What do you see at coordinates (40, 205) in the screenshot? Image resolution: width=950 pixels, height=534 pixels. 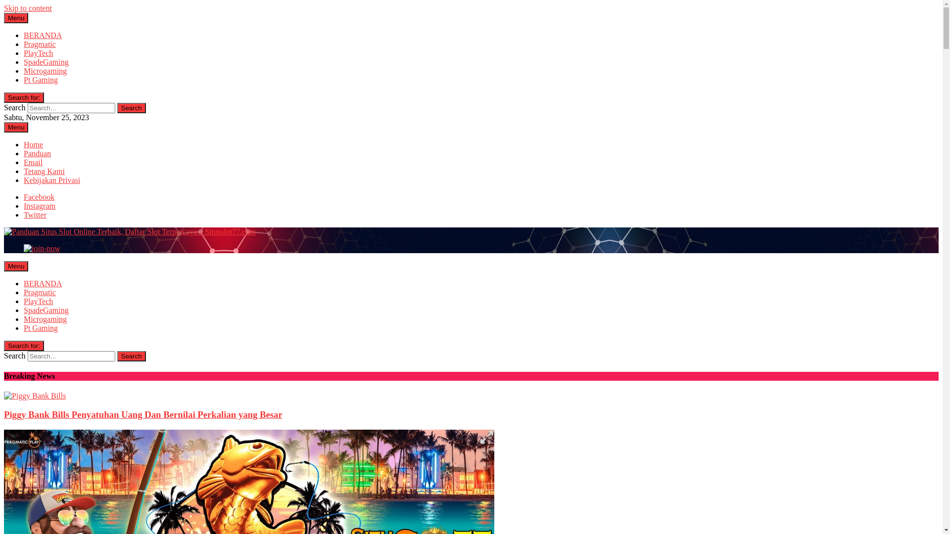 I see `'Instagram'` at bounding box center [40, 205].